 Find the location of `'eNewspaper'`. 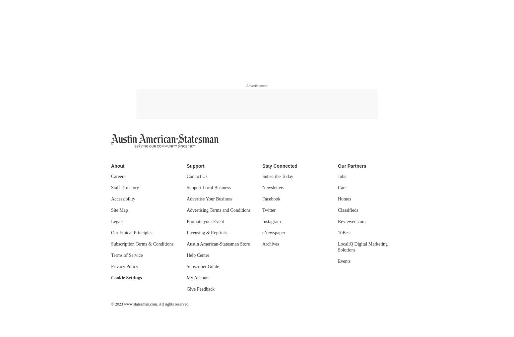

'eNewspaper' is located at coordinates (273, 232).